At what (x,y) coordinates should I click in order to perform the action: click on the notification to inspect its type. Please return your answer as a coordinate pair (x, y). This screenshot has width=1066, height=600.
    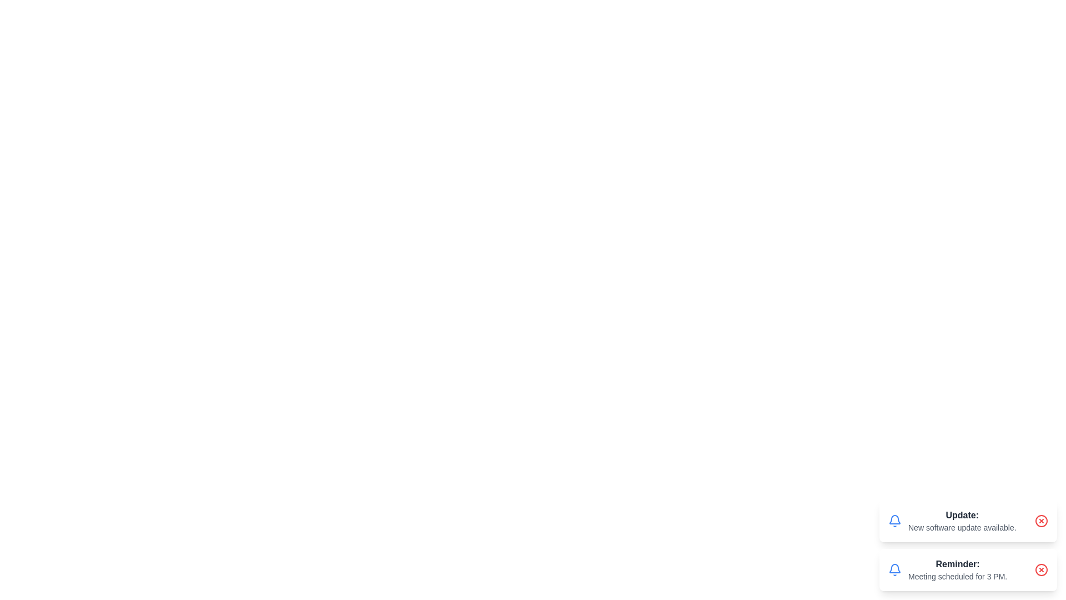
    Looking at the image, I should click on (967, 521).